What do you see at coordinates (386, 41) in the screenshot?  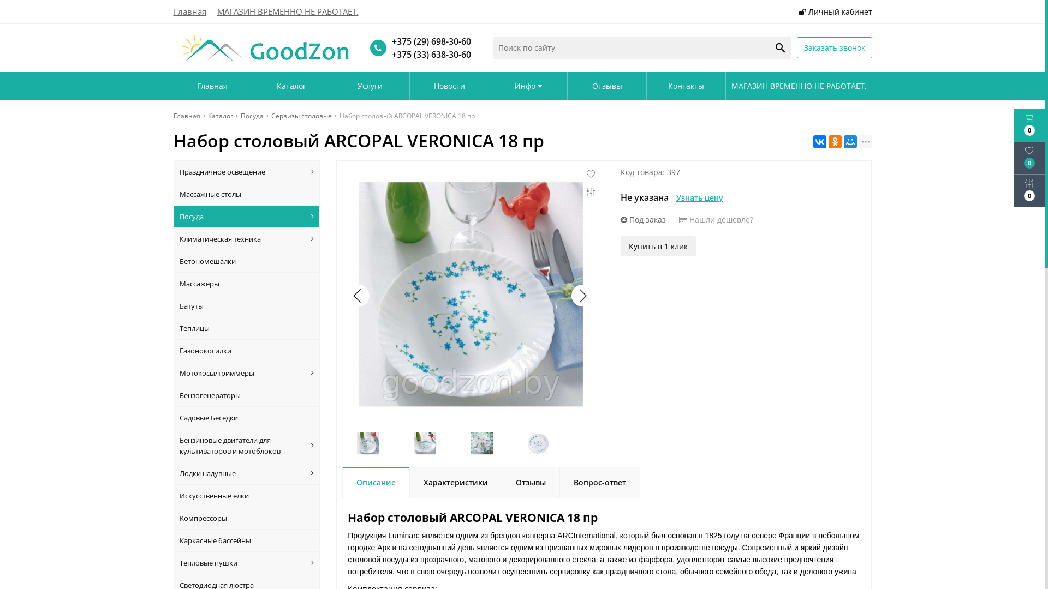 I see `'+375 (29) 698-30-60'` at bounding box center [386, 41].